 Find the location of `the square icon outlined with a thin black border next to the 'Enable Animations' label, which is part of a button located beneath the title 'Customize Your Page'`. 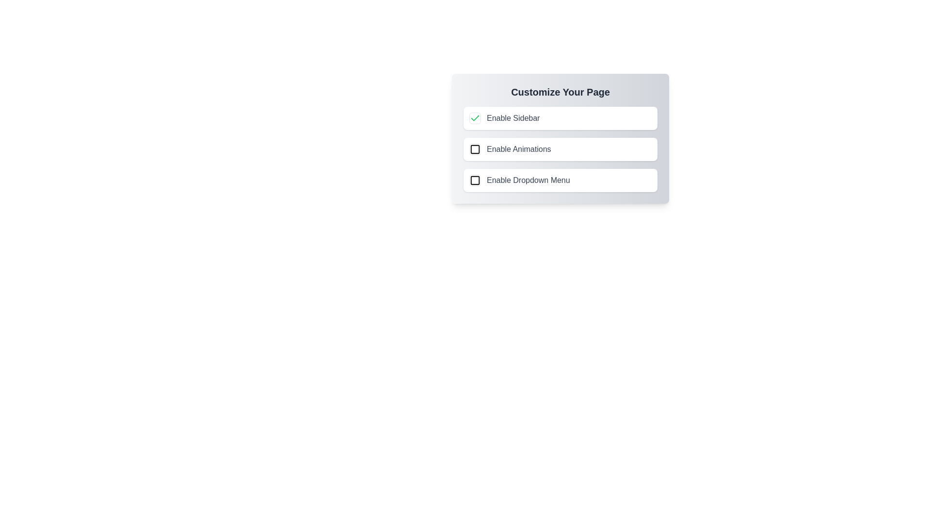

the square icon outlined with a thin black border next to the 'Enable Animations' label, which is part of a button located beneath the title 'Customize Your Page' is located at coordinates (475, 149).